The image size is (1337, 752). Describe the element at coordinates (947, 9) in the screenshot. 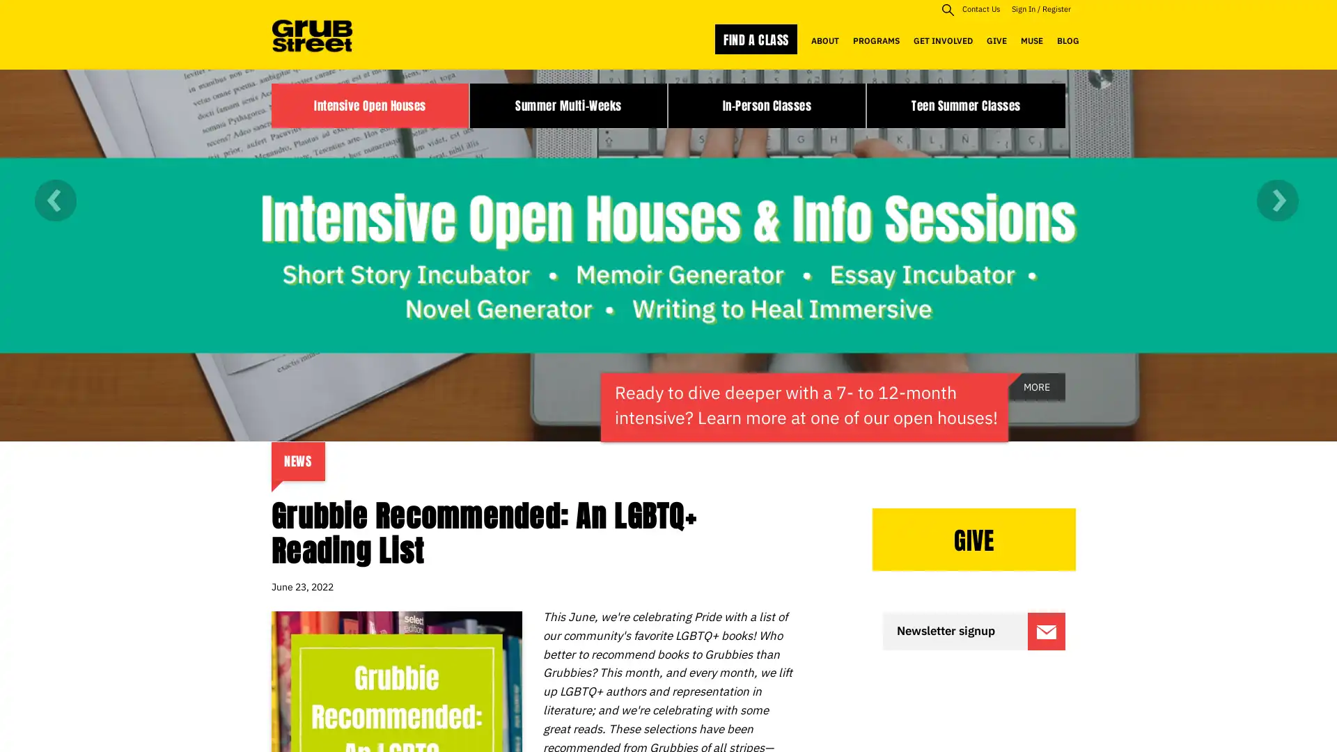

I see `site search` at that location.